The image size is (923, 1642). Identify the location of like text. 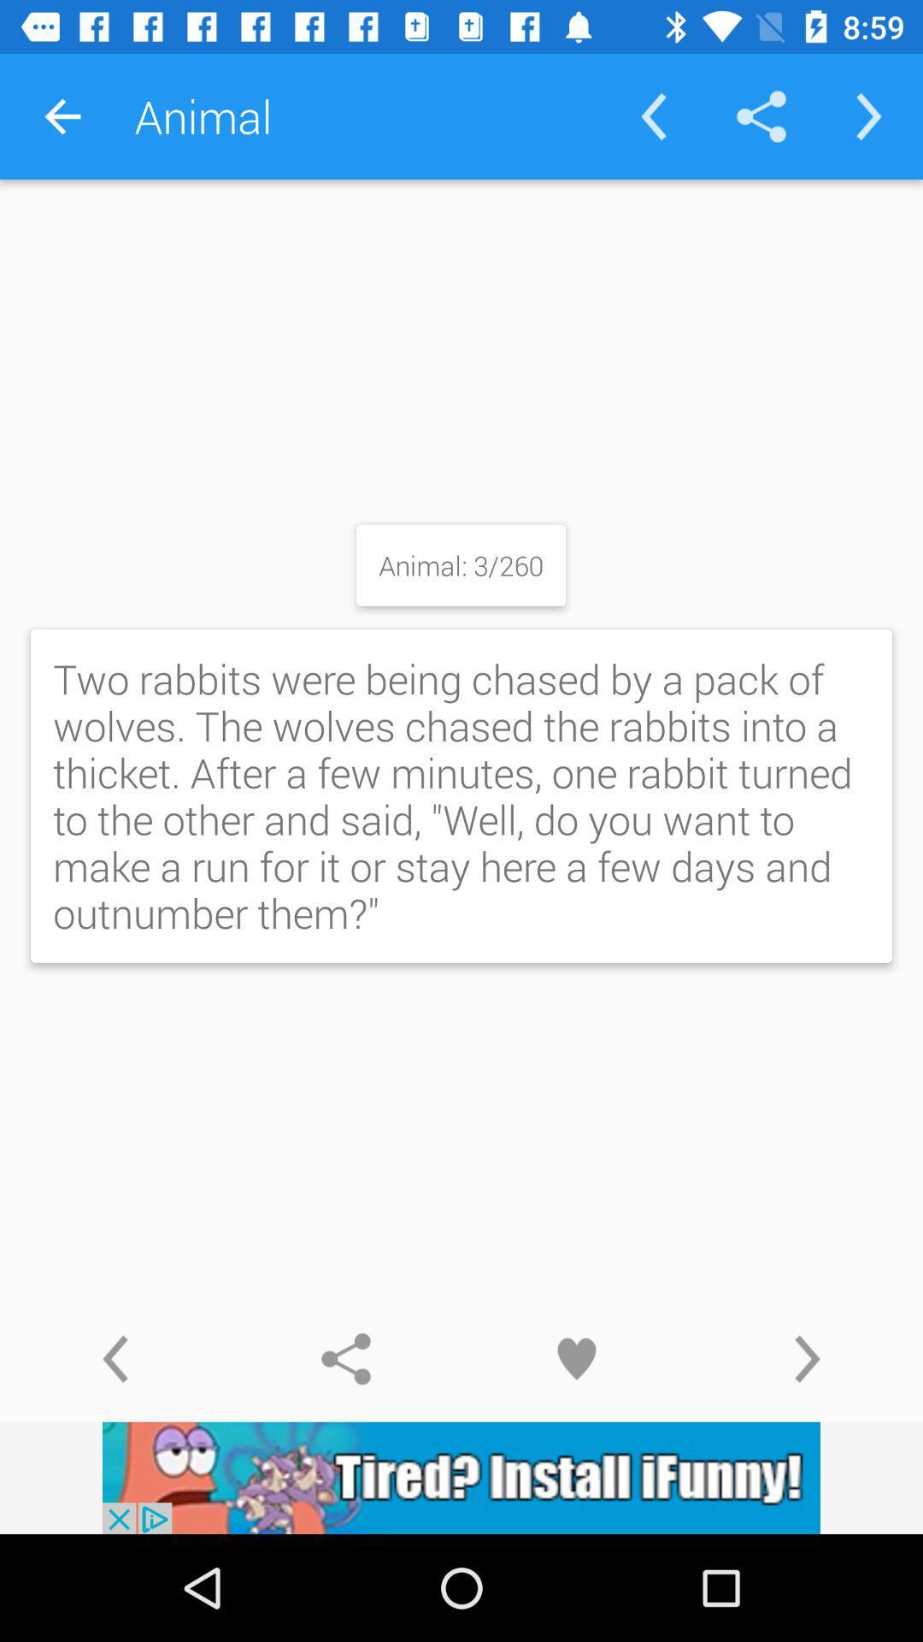
(577, 1358).